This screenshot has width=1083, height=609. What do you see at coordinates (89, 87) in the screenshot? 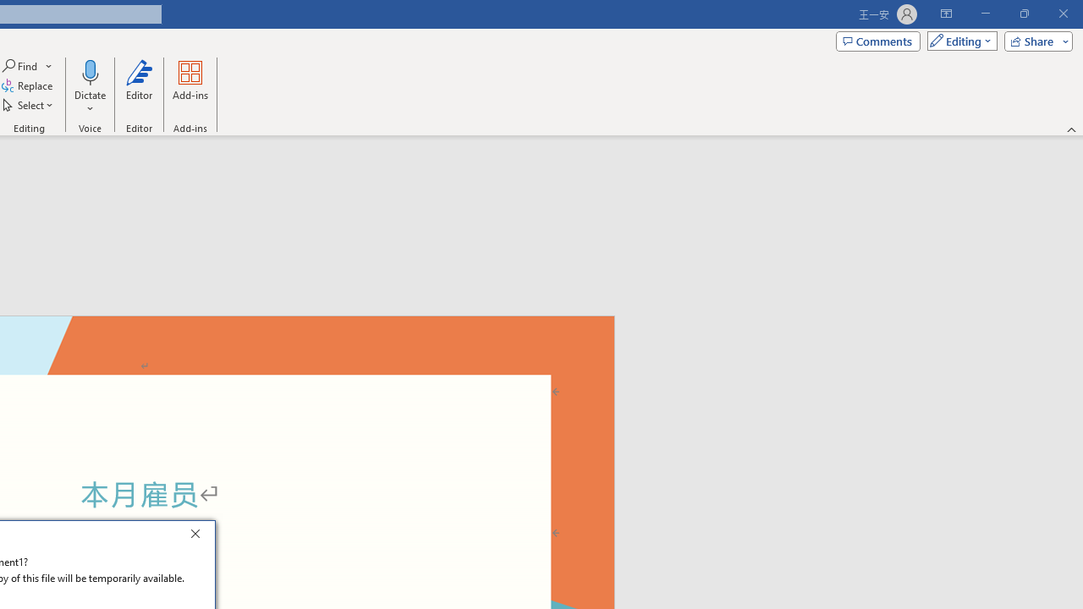
I see `'Dictate'` at bounding box center [89, 87].